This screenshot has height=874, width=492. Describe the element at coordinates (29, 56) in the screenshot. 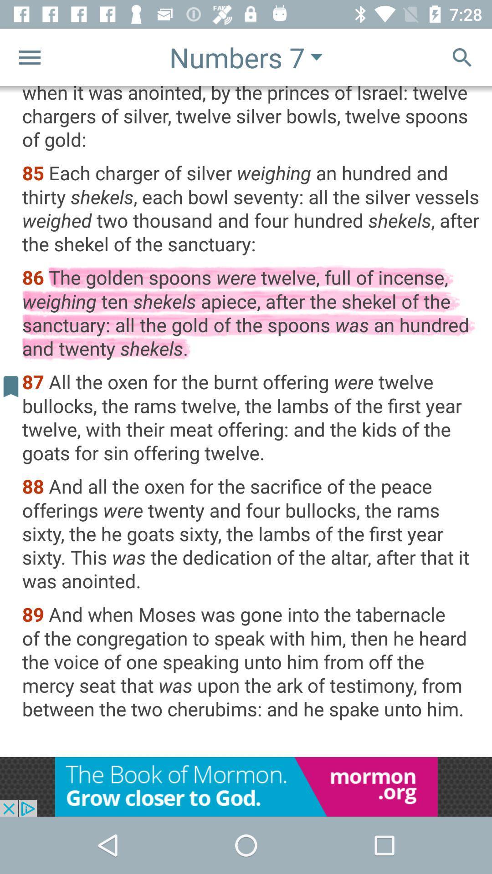

I see `the menu icon` at that location.